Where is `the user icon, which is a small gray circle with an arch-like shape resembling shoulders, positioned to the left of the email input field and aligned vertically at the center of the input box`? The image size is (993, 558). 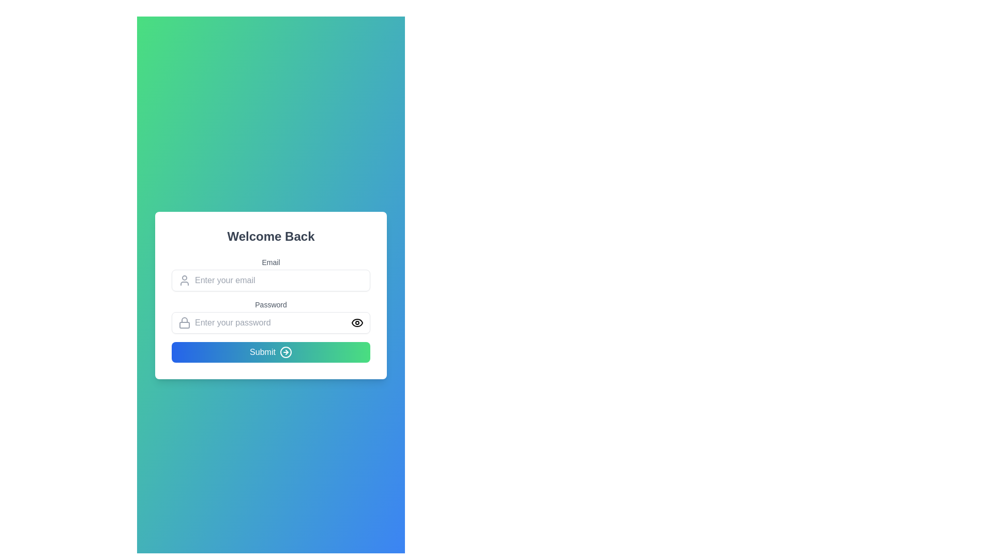 the user icon, which is a small gray circle with an arch-like shape resembling shoulders, positioned to the left of the email input field and aligned vertically at the center of the input box is located at coordinates (184, 281).